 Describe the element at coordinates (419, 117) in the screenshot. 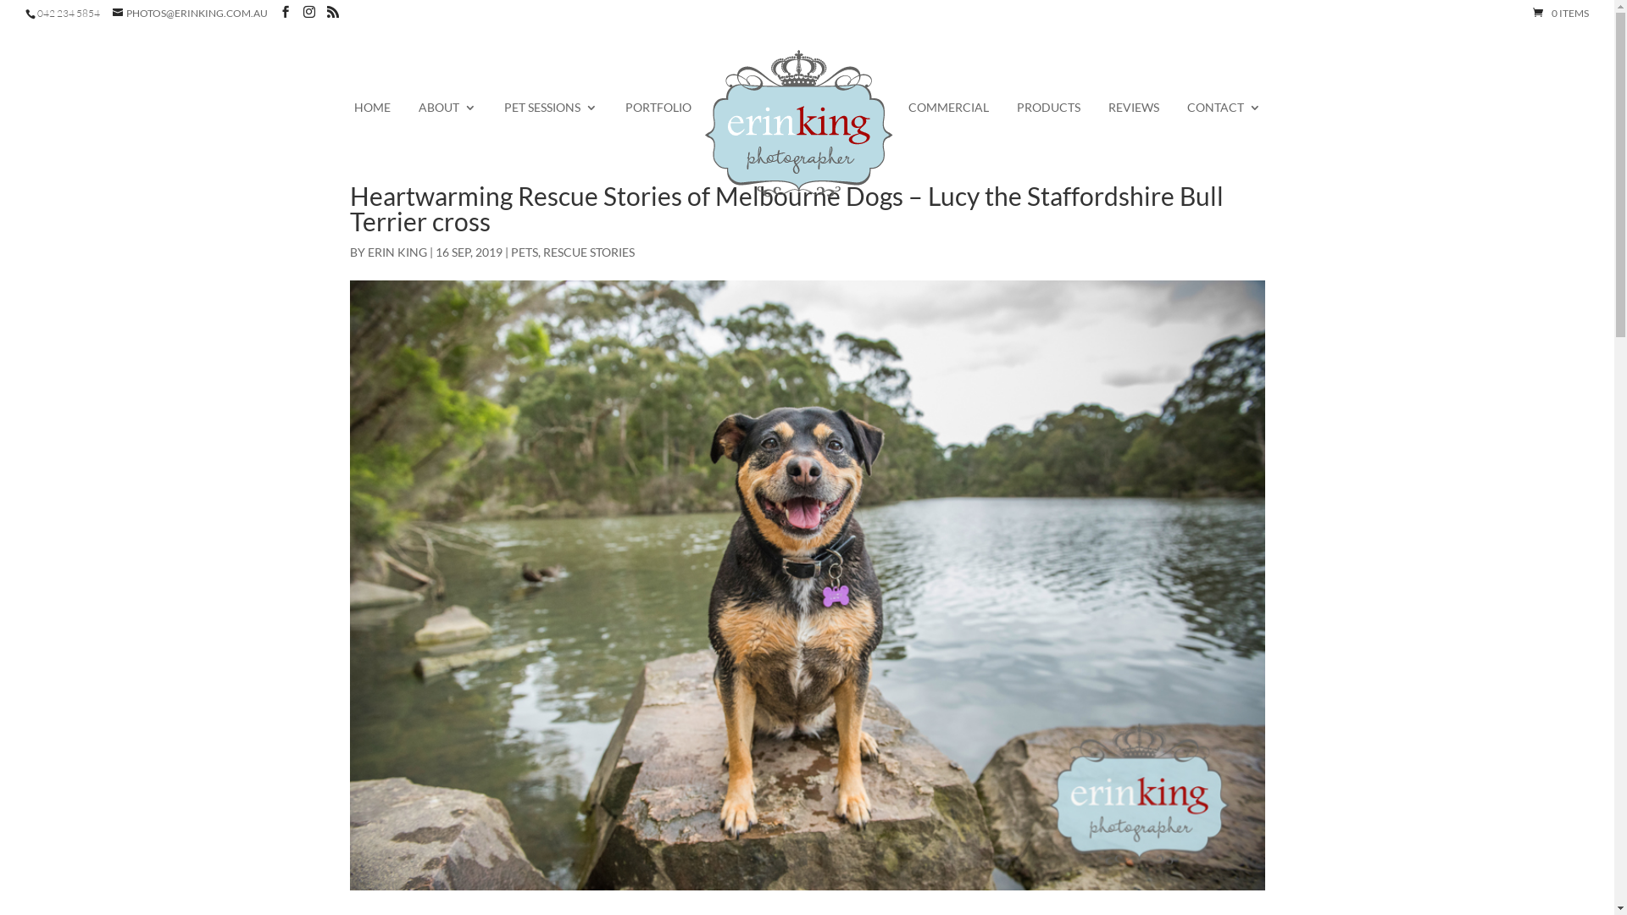

I see `'ABOUT'` at that location.